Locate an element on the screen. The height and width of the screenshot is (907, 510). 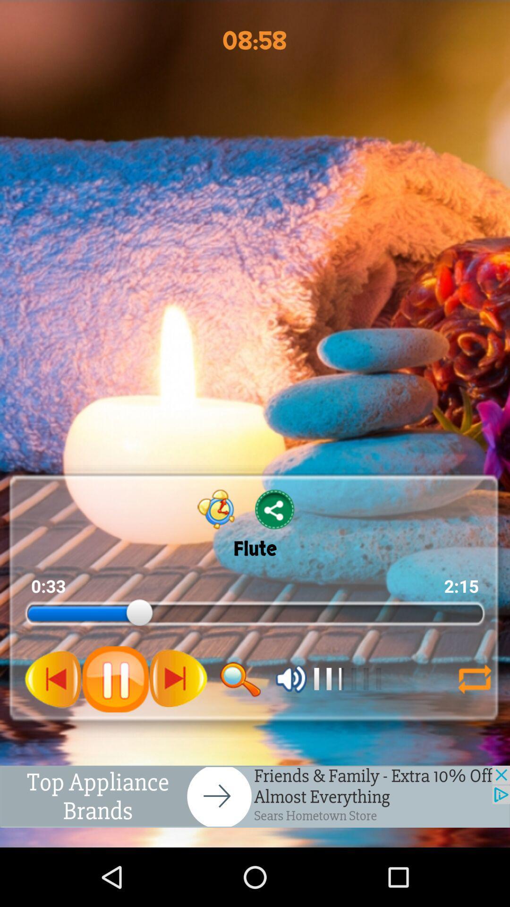
rewind is located at coordinates (53, 678).